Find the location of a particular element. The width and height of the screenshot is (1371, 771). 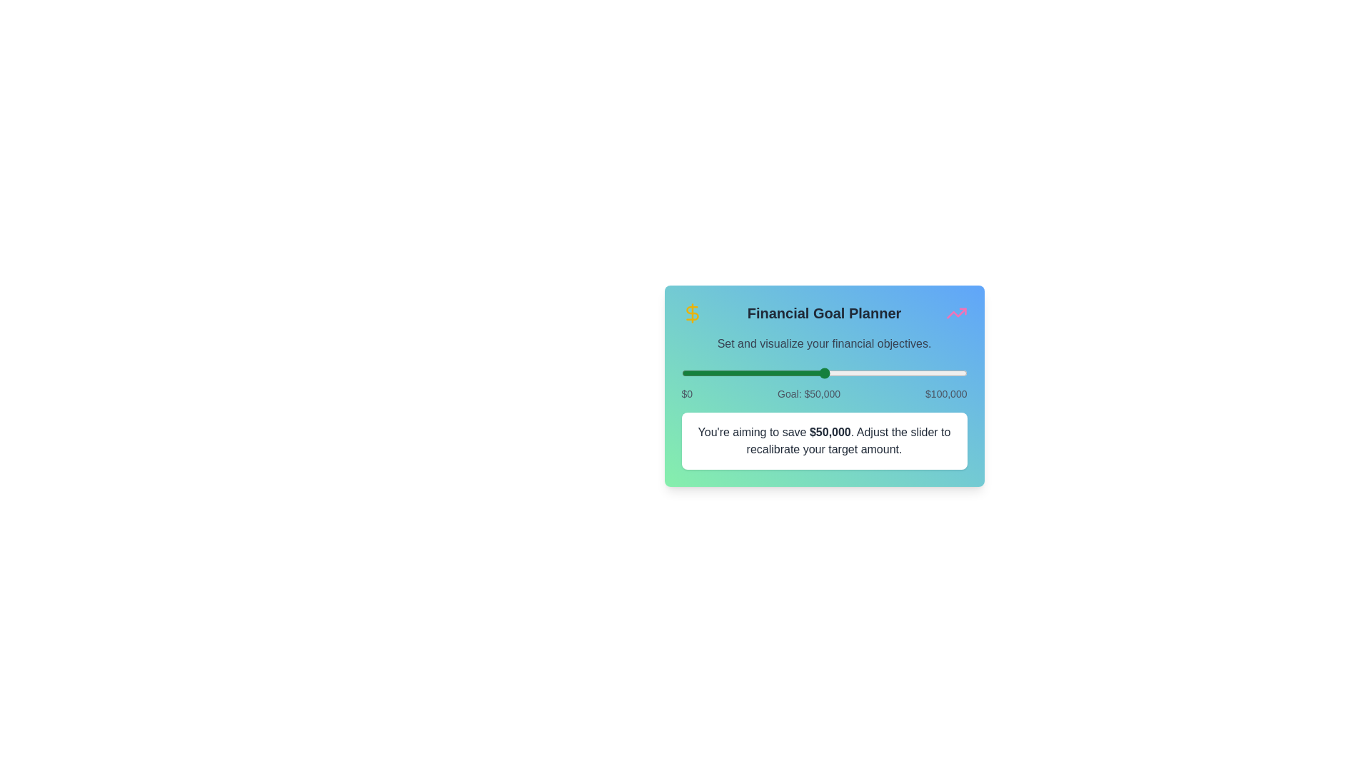

the slider to set the financial goal to 34991 dollars is located at coordinates (780, 373).